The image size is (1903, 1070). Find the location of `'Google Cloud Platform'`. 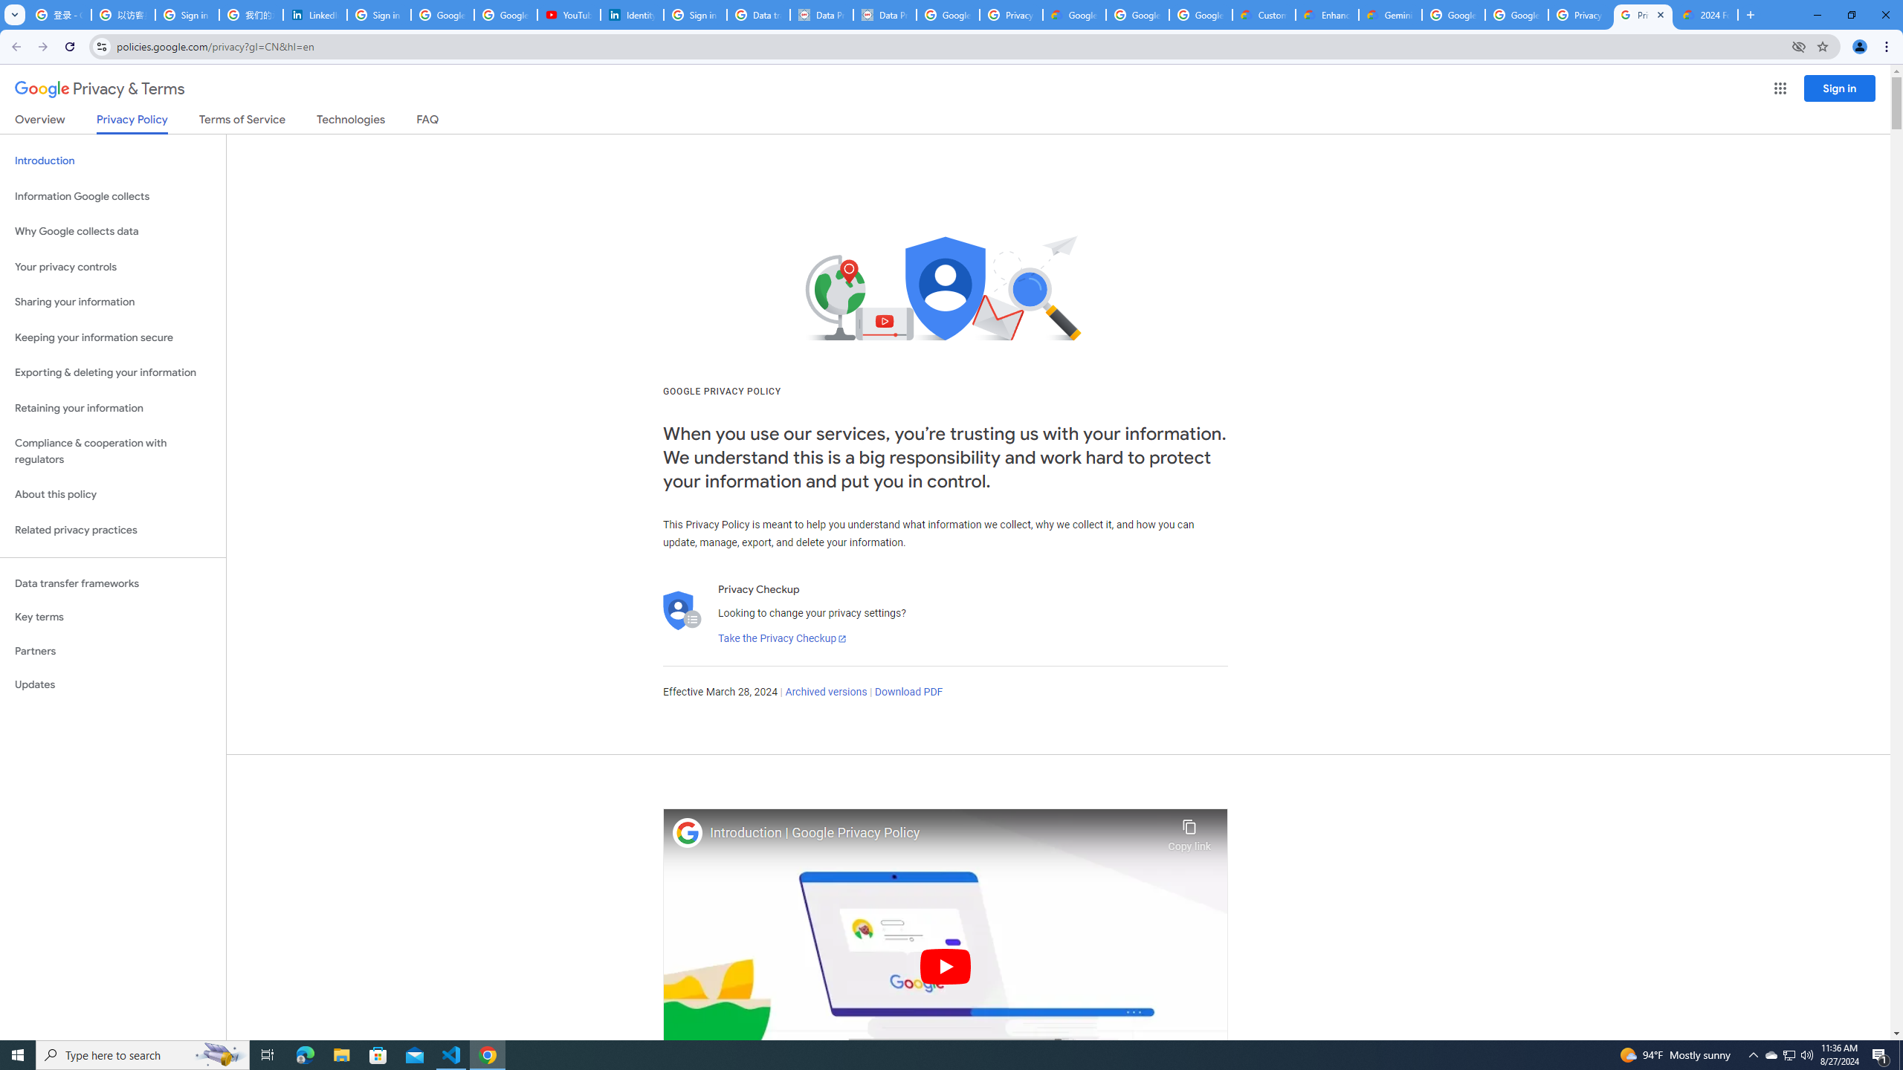

'Google Cloud Platform' is located at coordinates (1453, 14).